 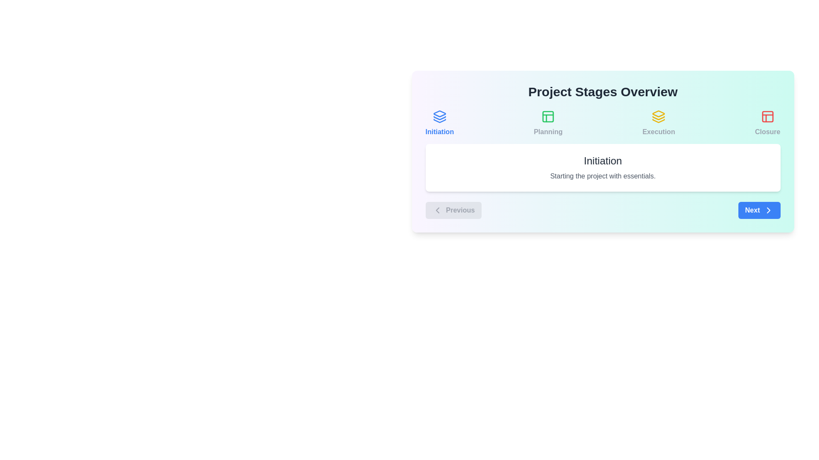 What do you see at coordinates (437, 210) in the screenshot?
I see `the left-pointing chevron icon located inside the 'Previous' button at the bottom-left of the card interface` at bounding box center [437, 210].